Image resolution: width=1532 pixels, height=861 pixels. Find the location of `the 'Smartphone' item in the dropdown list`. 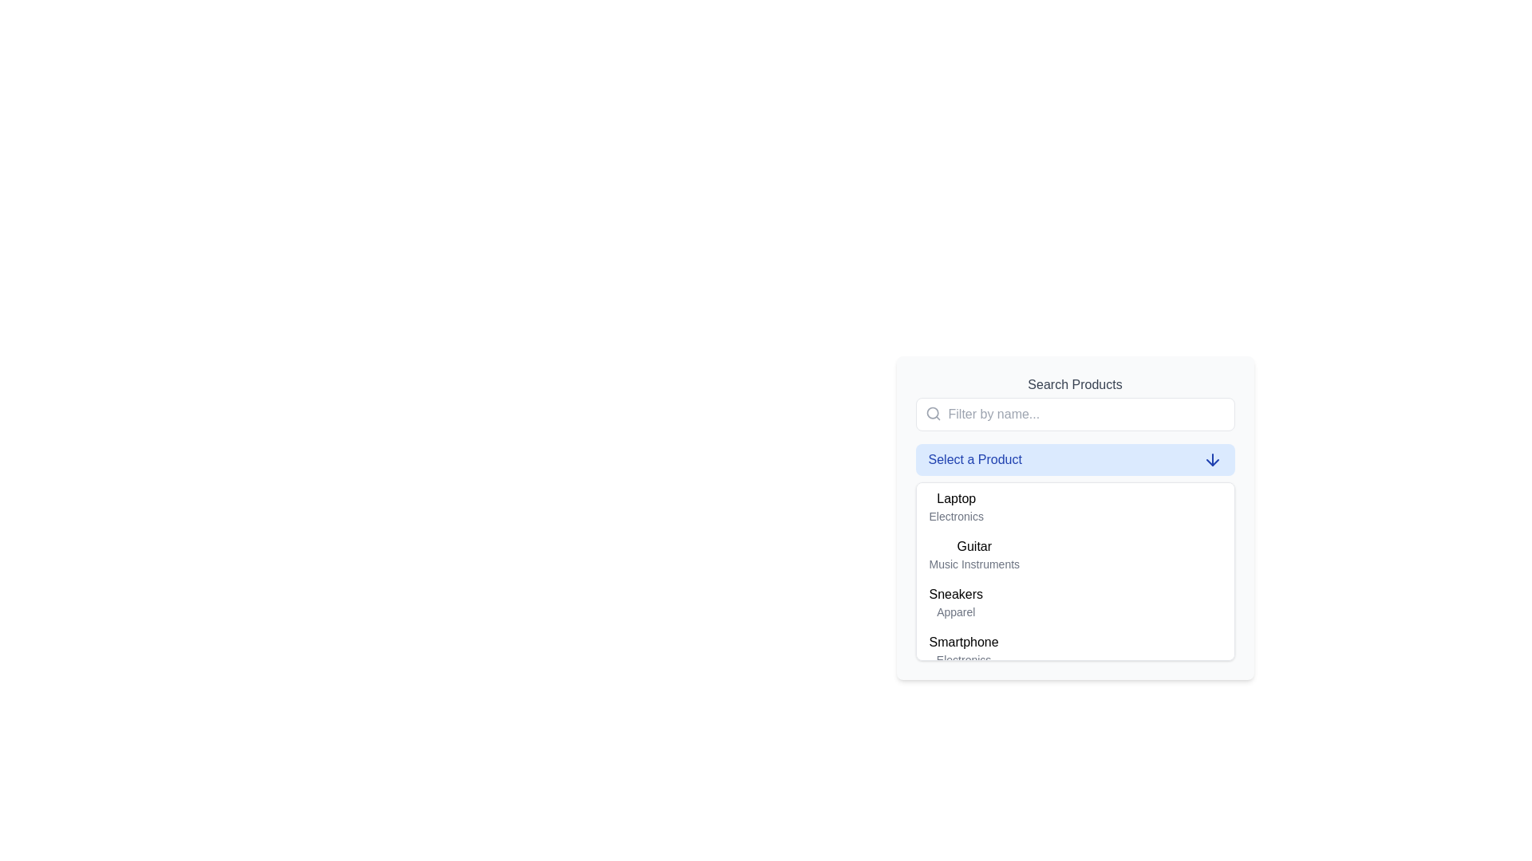

the 'Smartphone' item in the dropdown list is located at coordinates (963, 651).